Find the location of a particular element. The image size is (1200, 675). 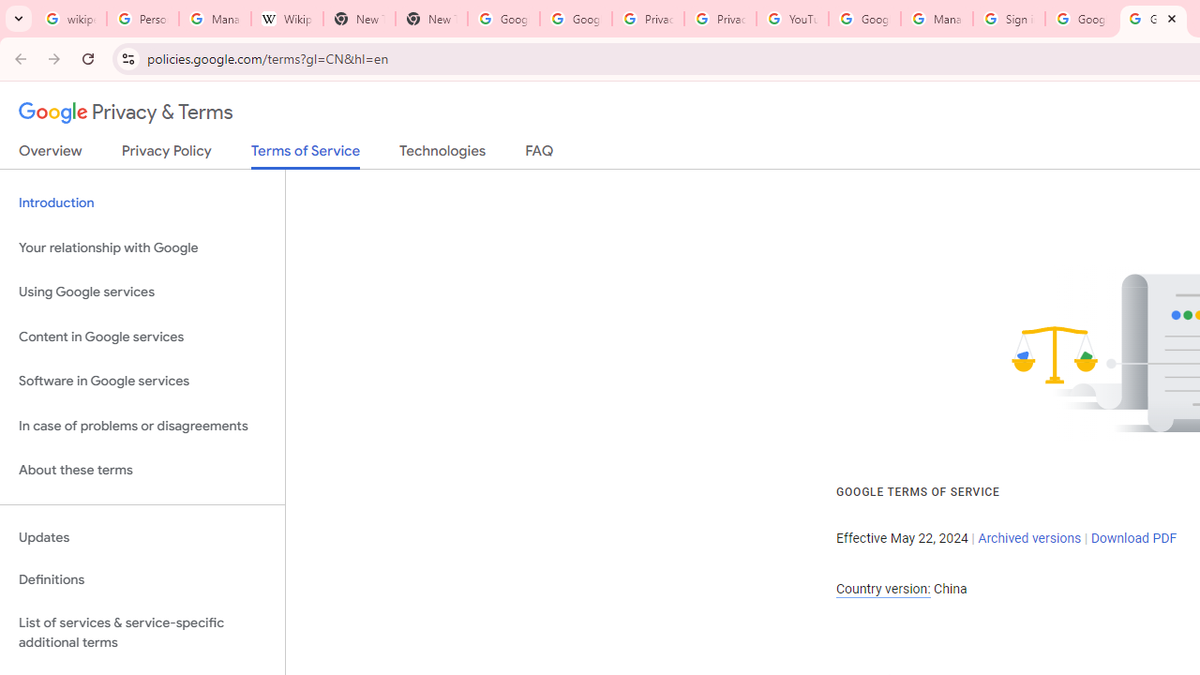

'Personalization & Google Search results - Google Search Help' is located at coordinates (142, 19).